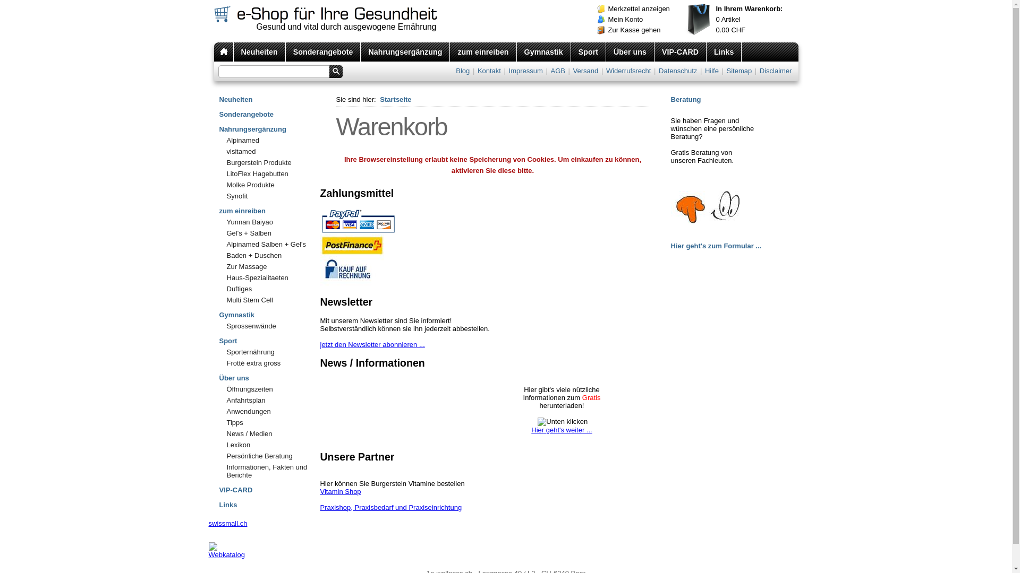 This screenshot has height=573, width=1020. I want to click on 'Baden + Duschen', so click(269, 255).